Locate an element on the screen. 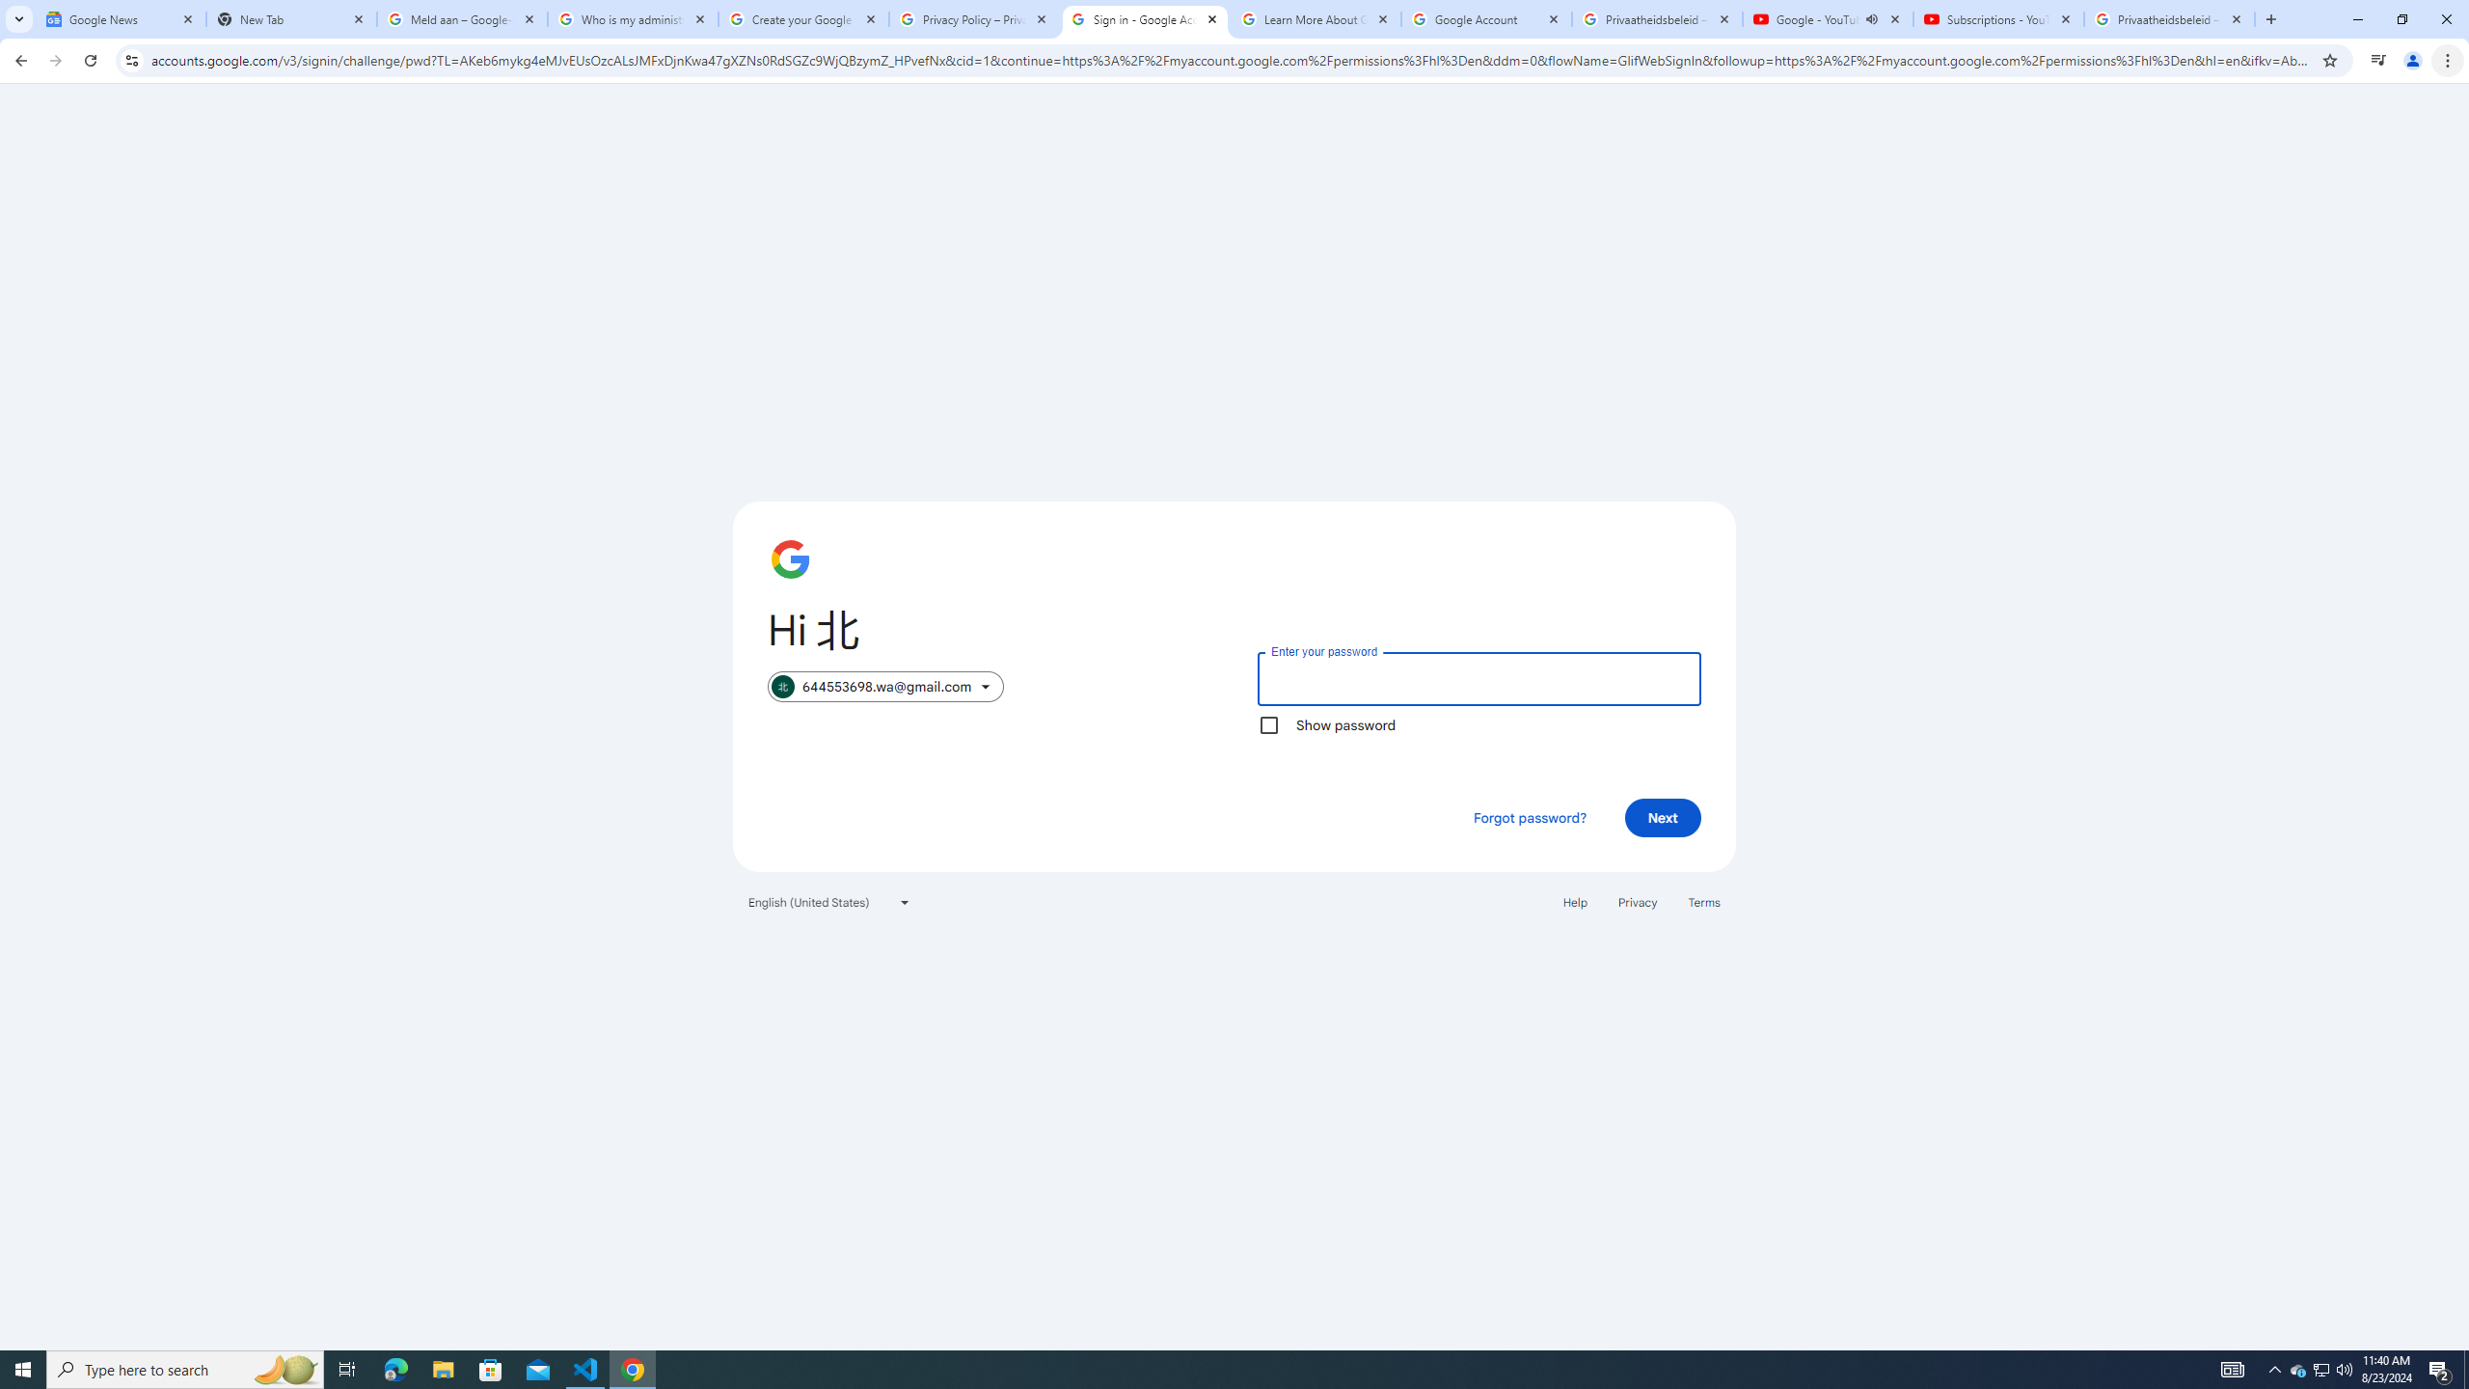 The image size is (2469, 1389). 'New Tab' is located at coordinates (290, 18).